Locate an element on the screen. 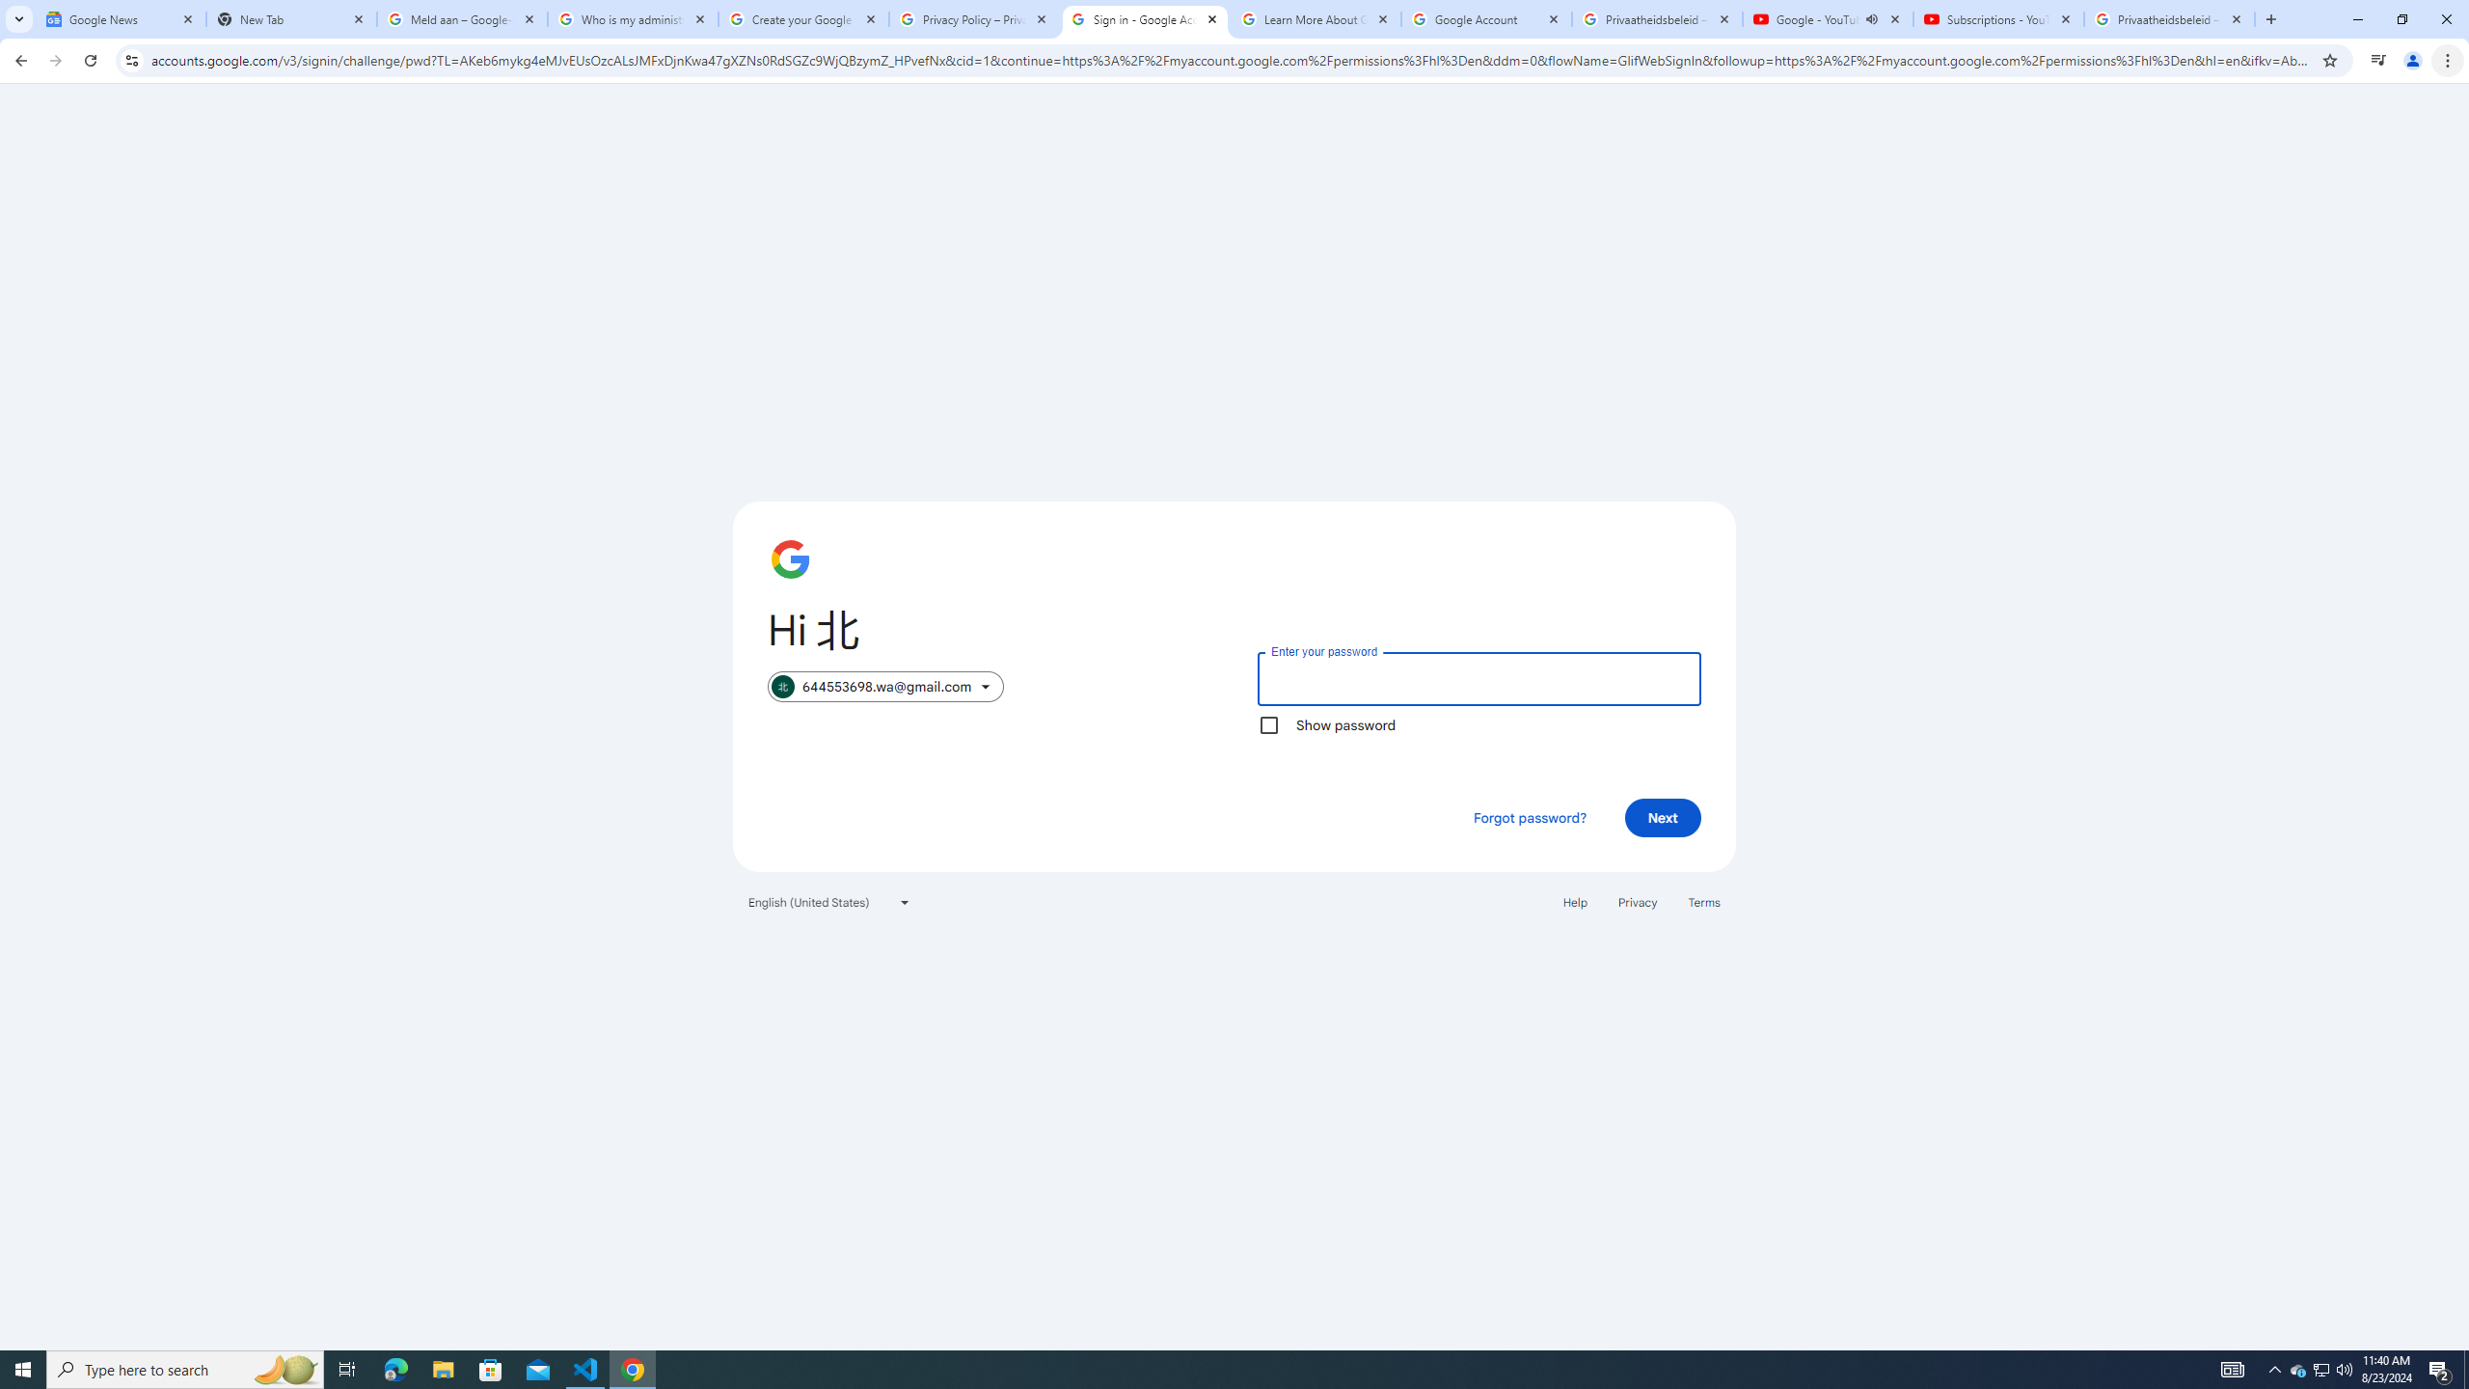 The image size is (2469, 1389). 'New Tab' is located at coordinates (290, 18).